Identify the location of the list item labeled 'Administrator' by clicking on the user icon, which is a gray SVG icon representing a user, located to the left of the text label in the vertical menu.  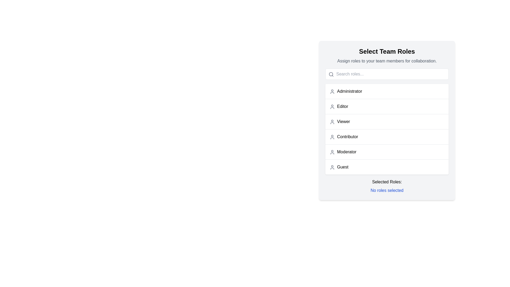
(332, 91).